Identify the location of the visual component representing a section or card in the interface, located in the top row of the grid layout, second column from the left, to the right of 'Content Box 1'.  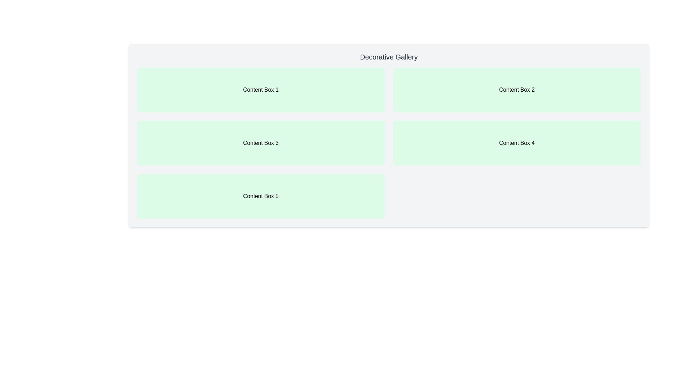
(517, 90).